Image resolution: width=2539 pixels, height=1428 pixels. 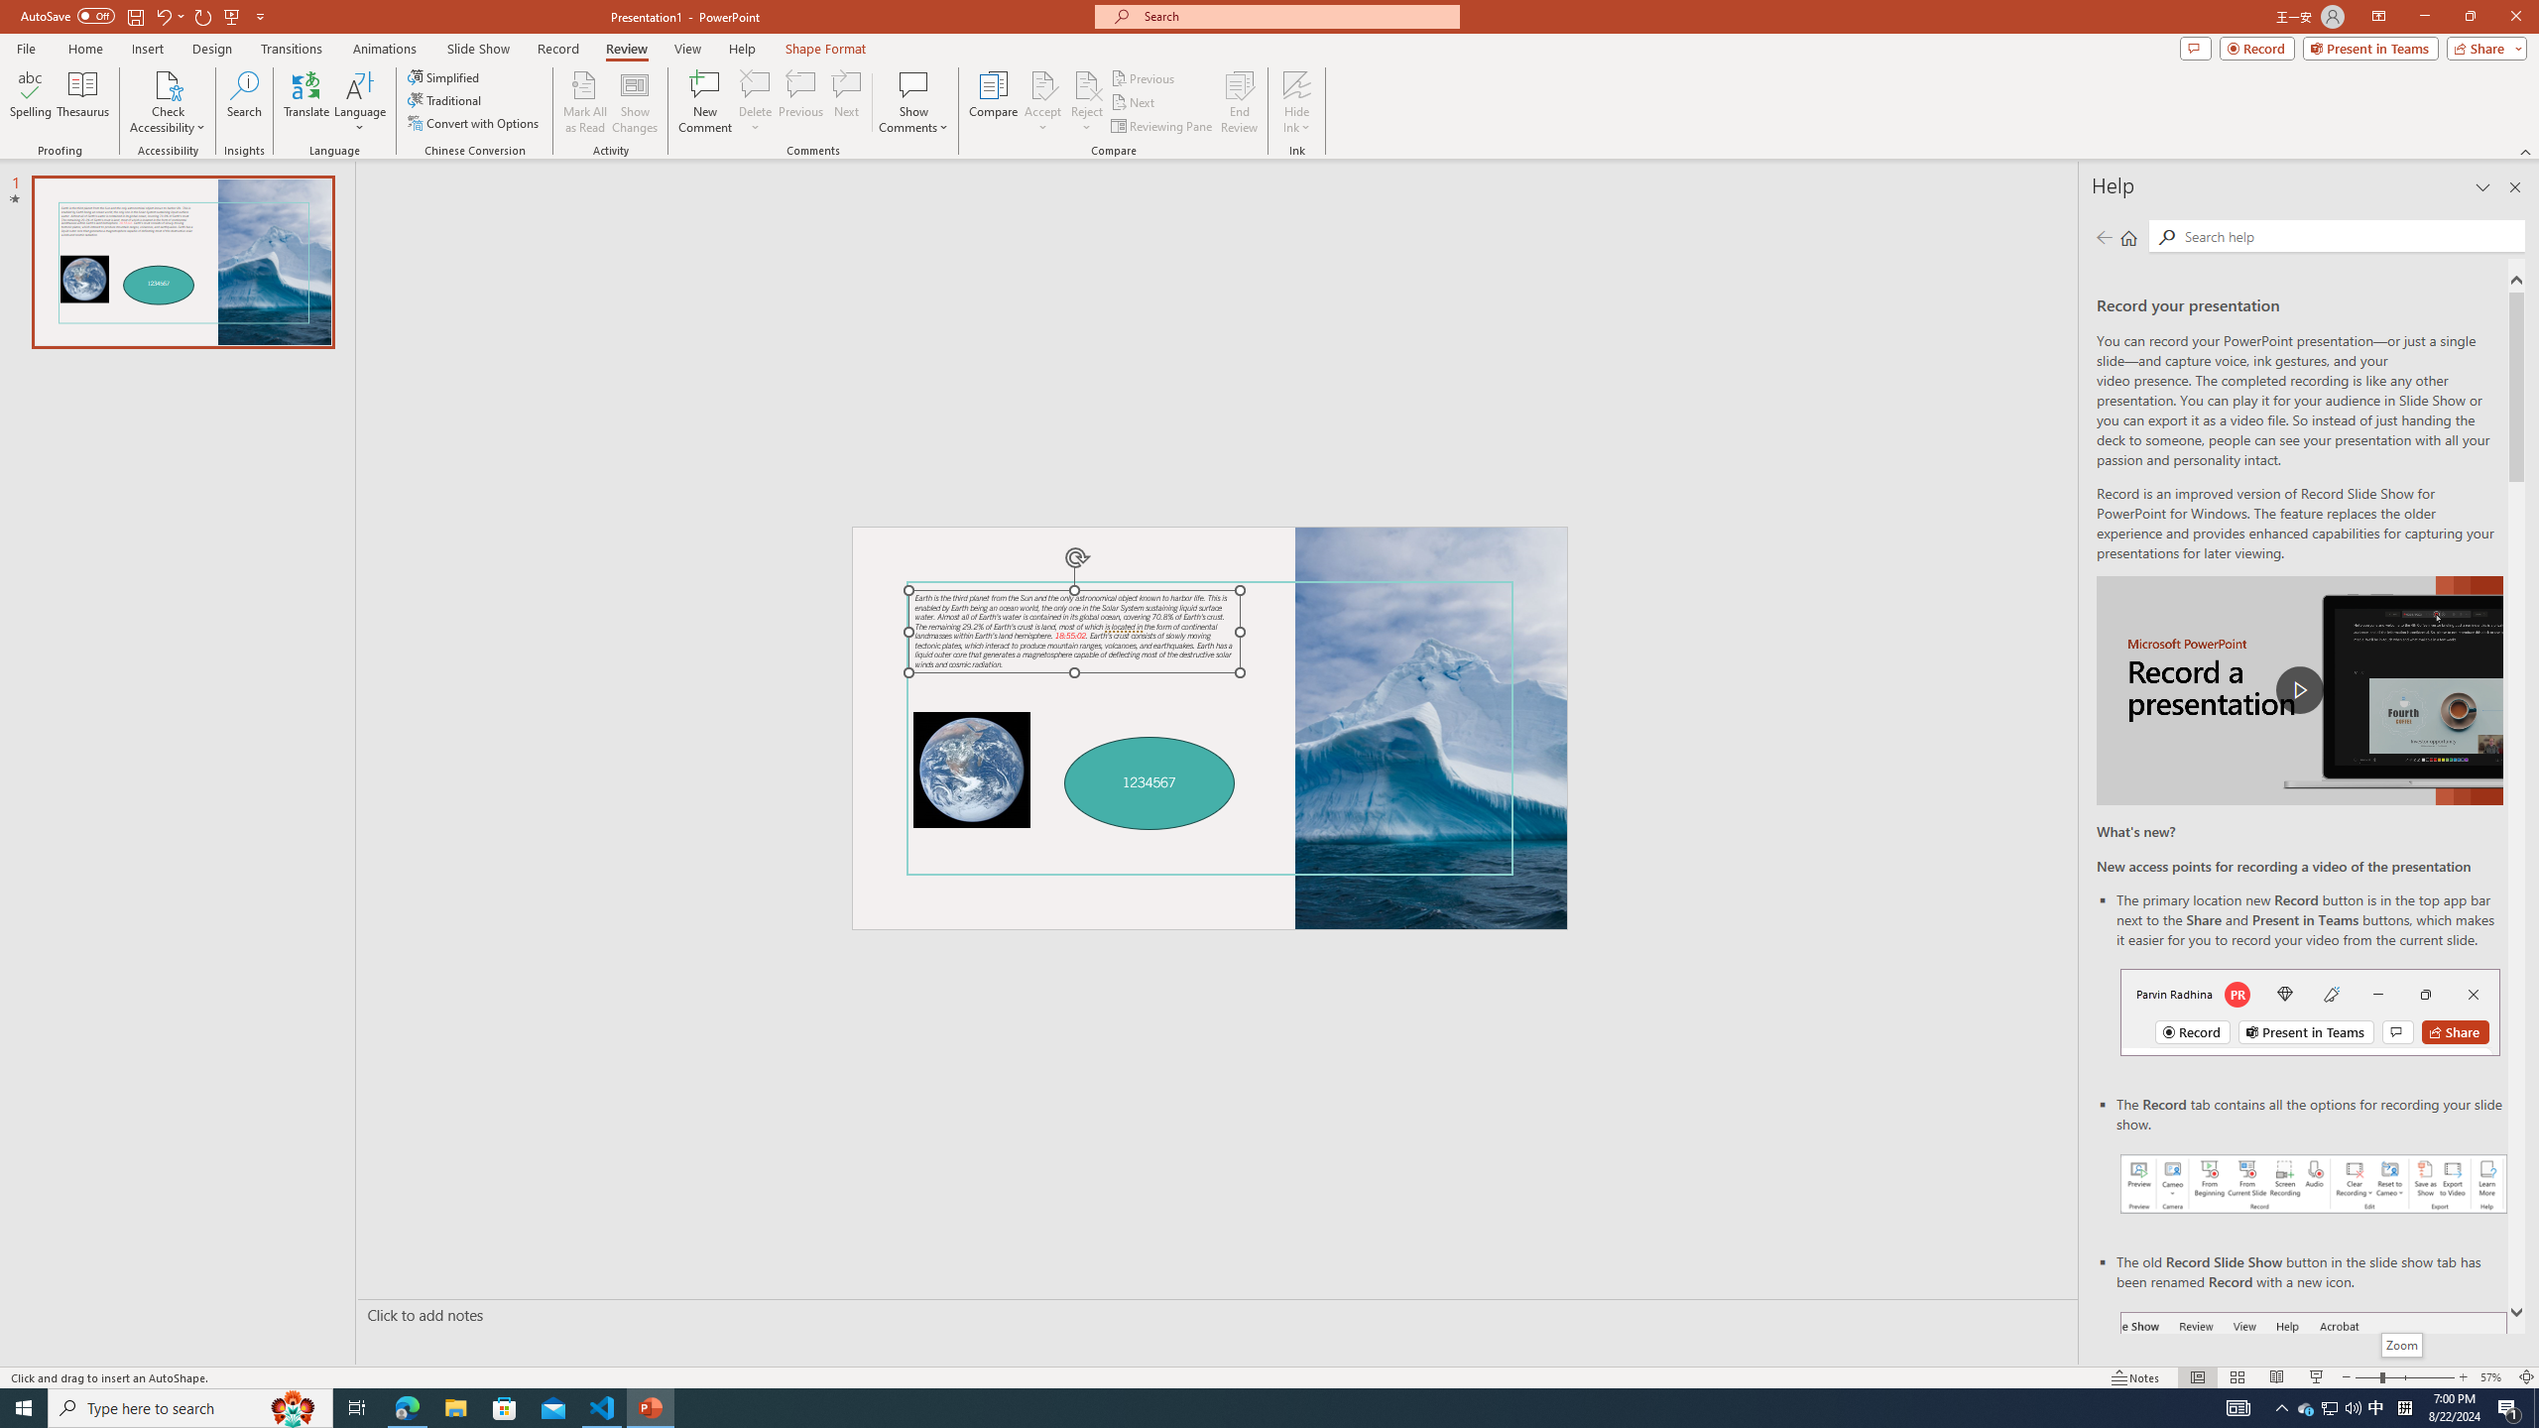 I want to click on 'Show Comments', so click(x=913, y=102).